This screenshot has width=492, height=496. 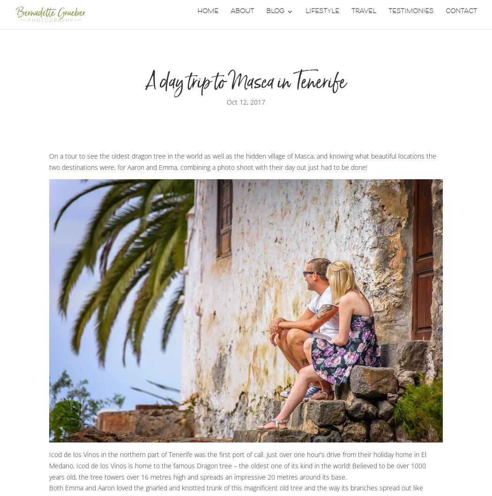 What do you see at coordinates (146, 82) in the screenshot?
I see `'A day trip to Masca in Tenerife'` at bounding box center [146, 82].